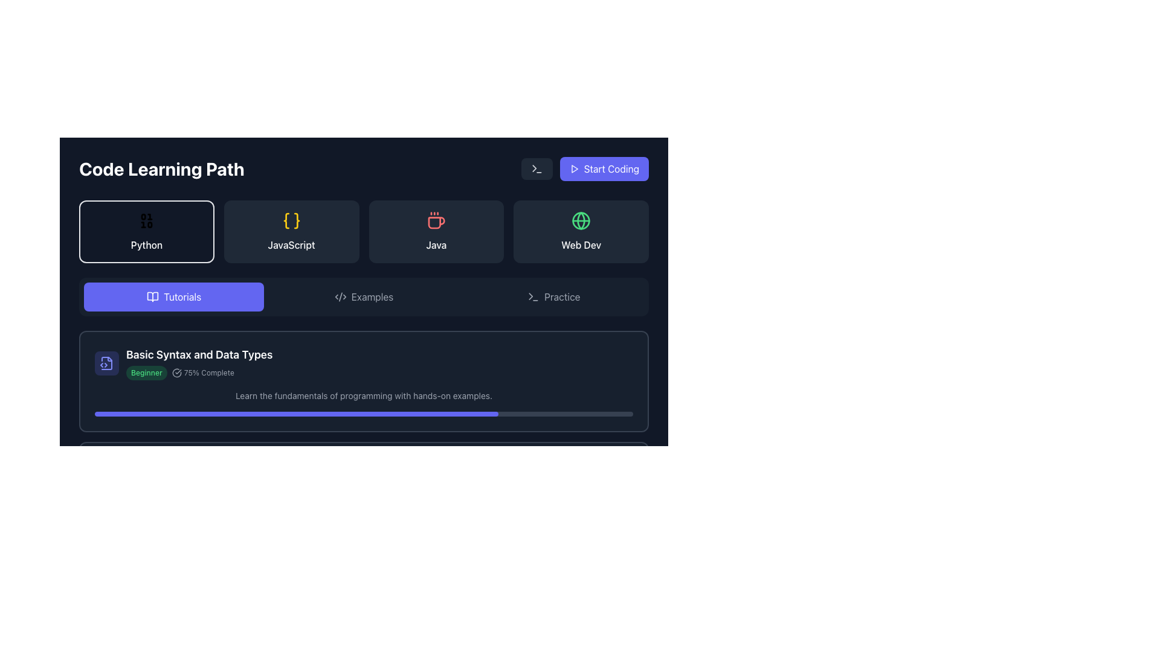 Image resolution: width=1160 pixels, height=652 pixels. What do you see at coordinates (574, 169) in the screenshot?
I see `the triangular play icon located in the upper-right quadrant of the interface to initiate an action` at bounding box center [574, 169].